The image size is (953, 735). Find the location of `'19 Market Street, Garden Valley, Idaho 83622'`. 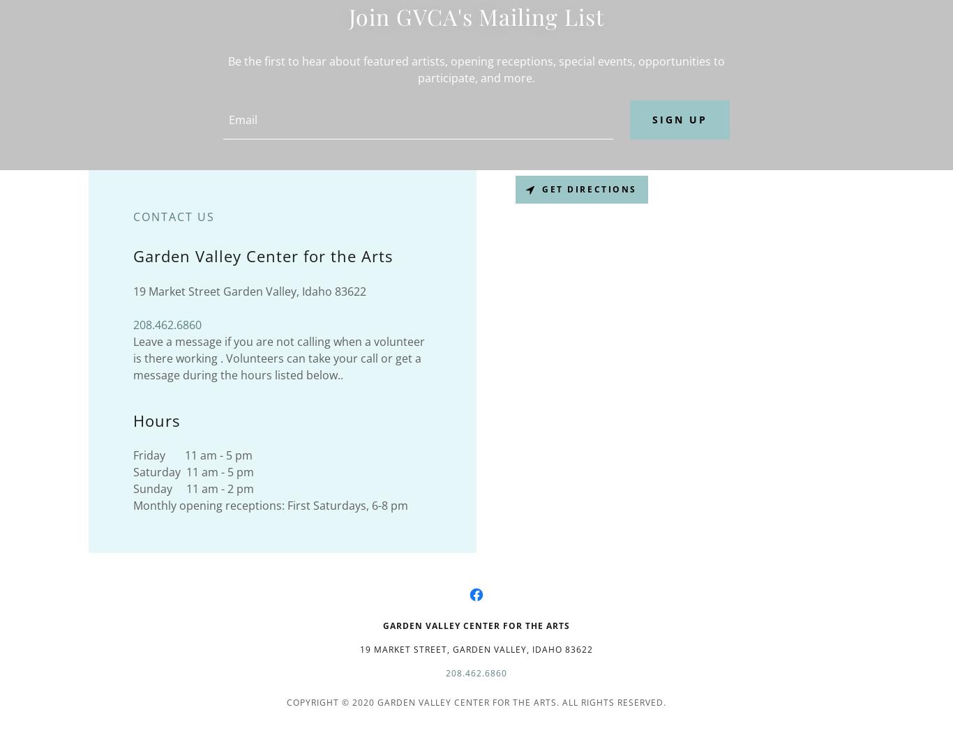

'19 Market Street, Garden Valley, Idaho 83622' is located at coordinates (475, 649).